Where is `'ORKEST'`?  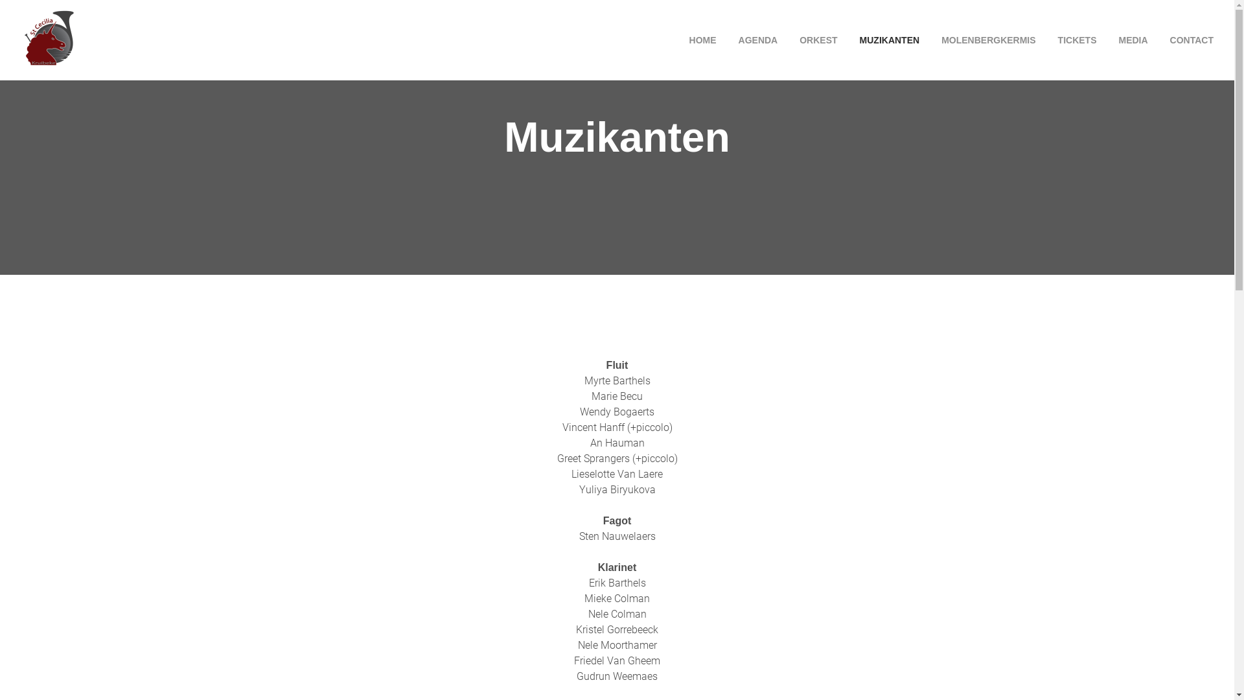
'ORKEST' is located at coordinates (789, 39).